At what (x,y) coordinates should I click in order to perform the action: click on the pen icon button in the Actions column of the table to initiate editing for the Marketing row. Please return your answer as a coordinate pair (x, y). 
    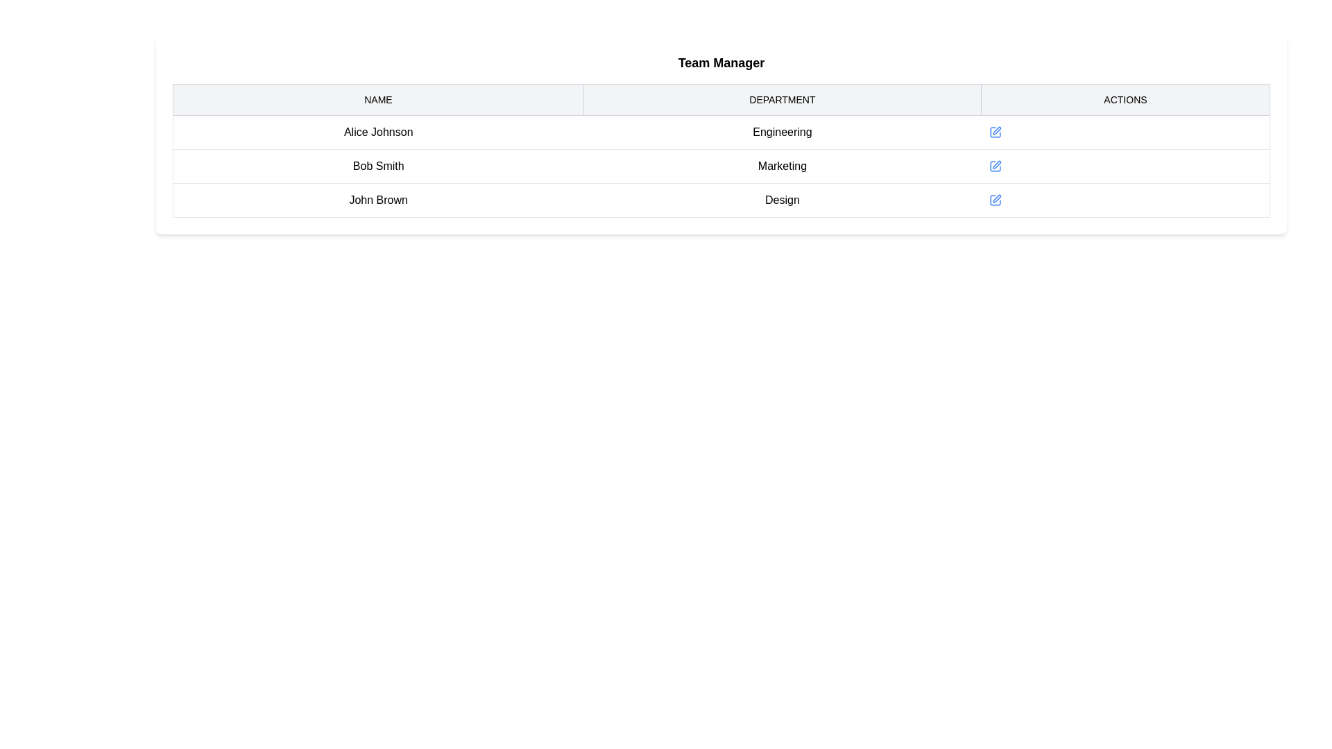
    Looking at the image, I should click on (995, 165).